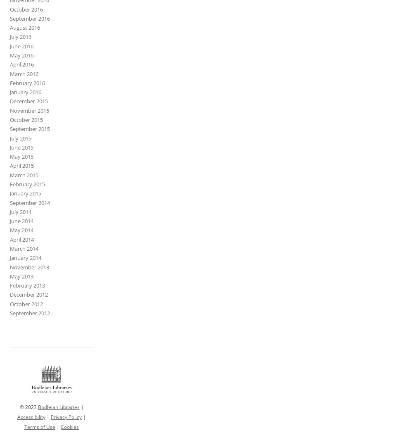 Image resolution: width=416 pixels, height=440 pixels. I want to click on 'September 2014', so click(30, 202).